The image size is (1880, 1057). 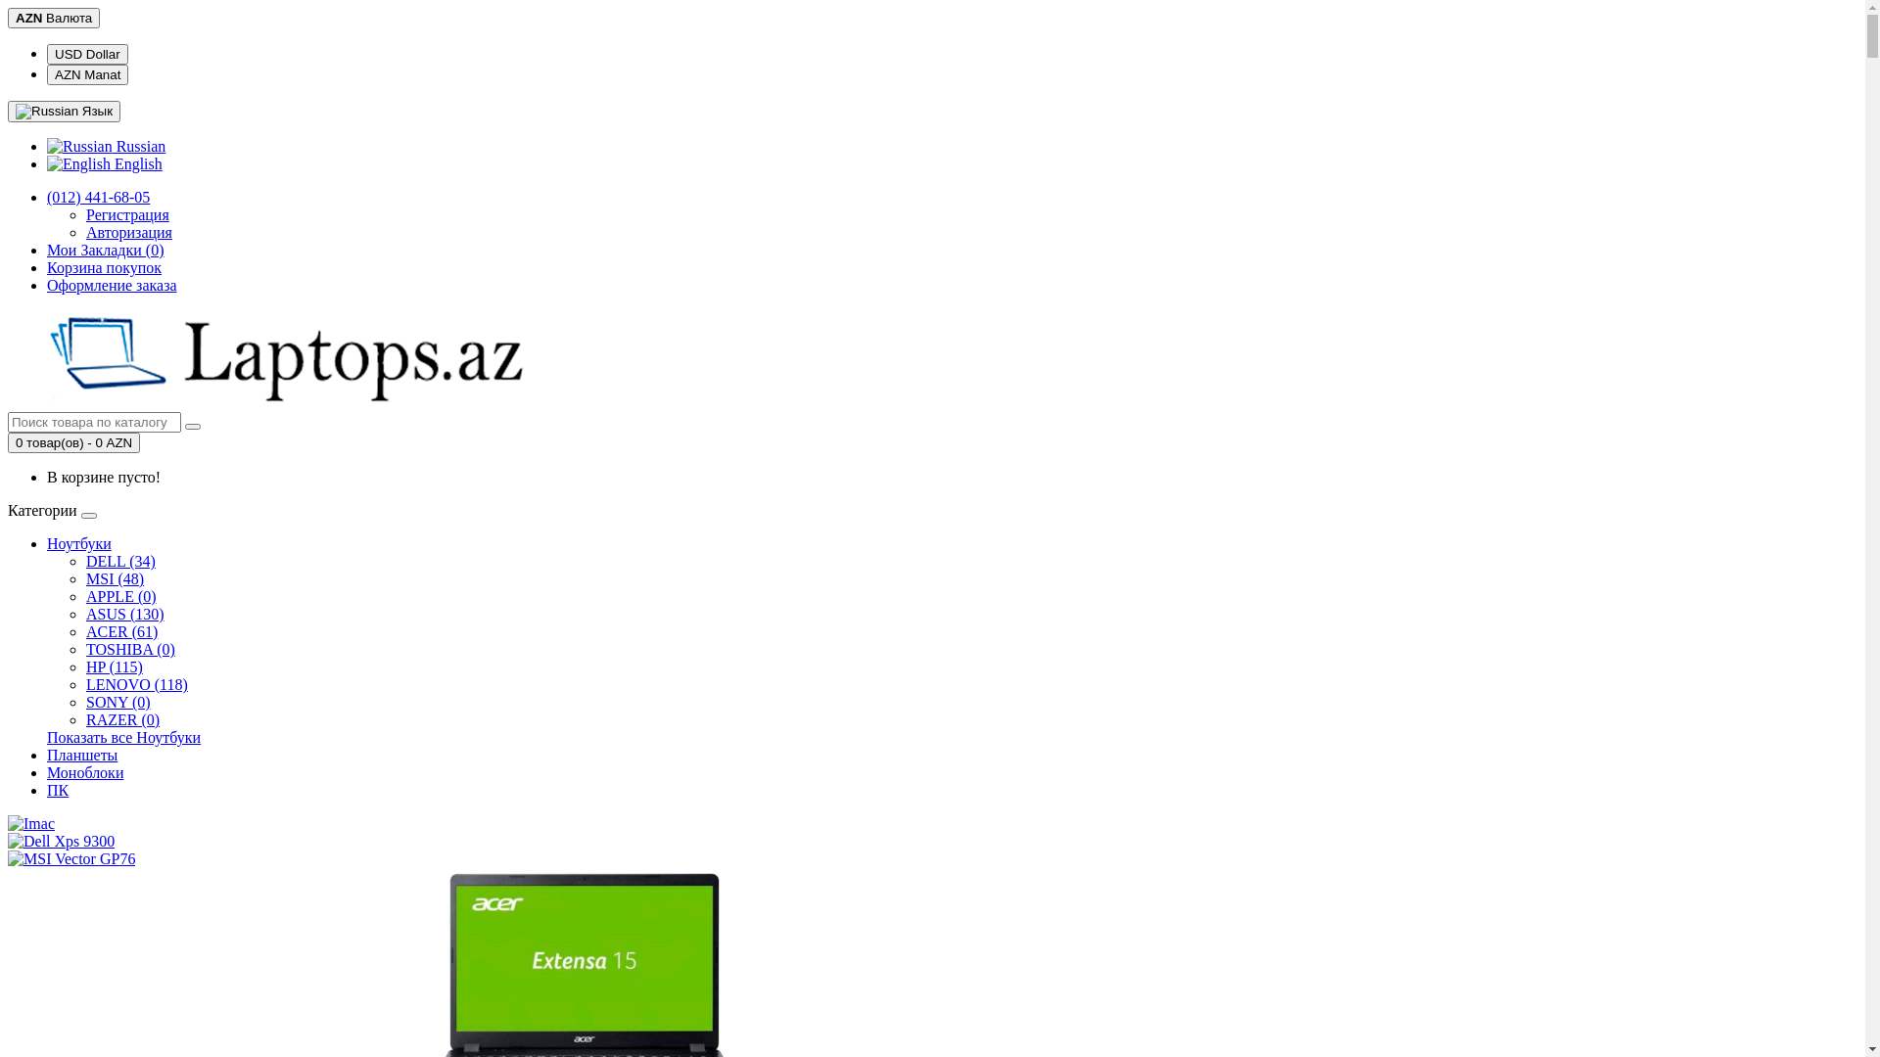 What do you see at coordinates (129, 649) in the screenshot?
I see `'TOSHIBA (0)'` at bounding box center [129, 649].